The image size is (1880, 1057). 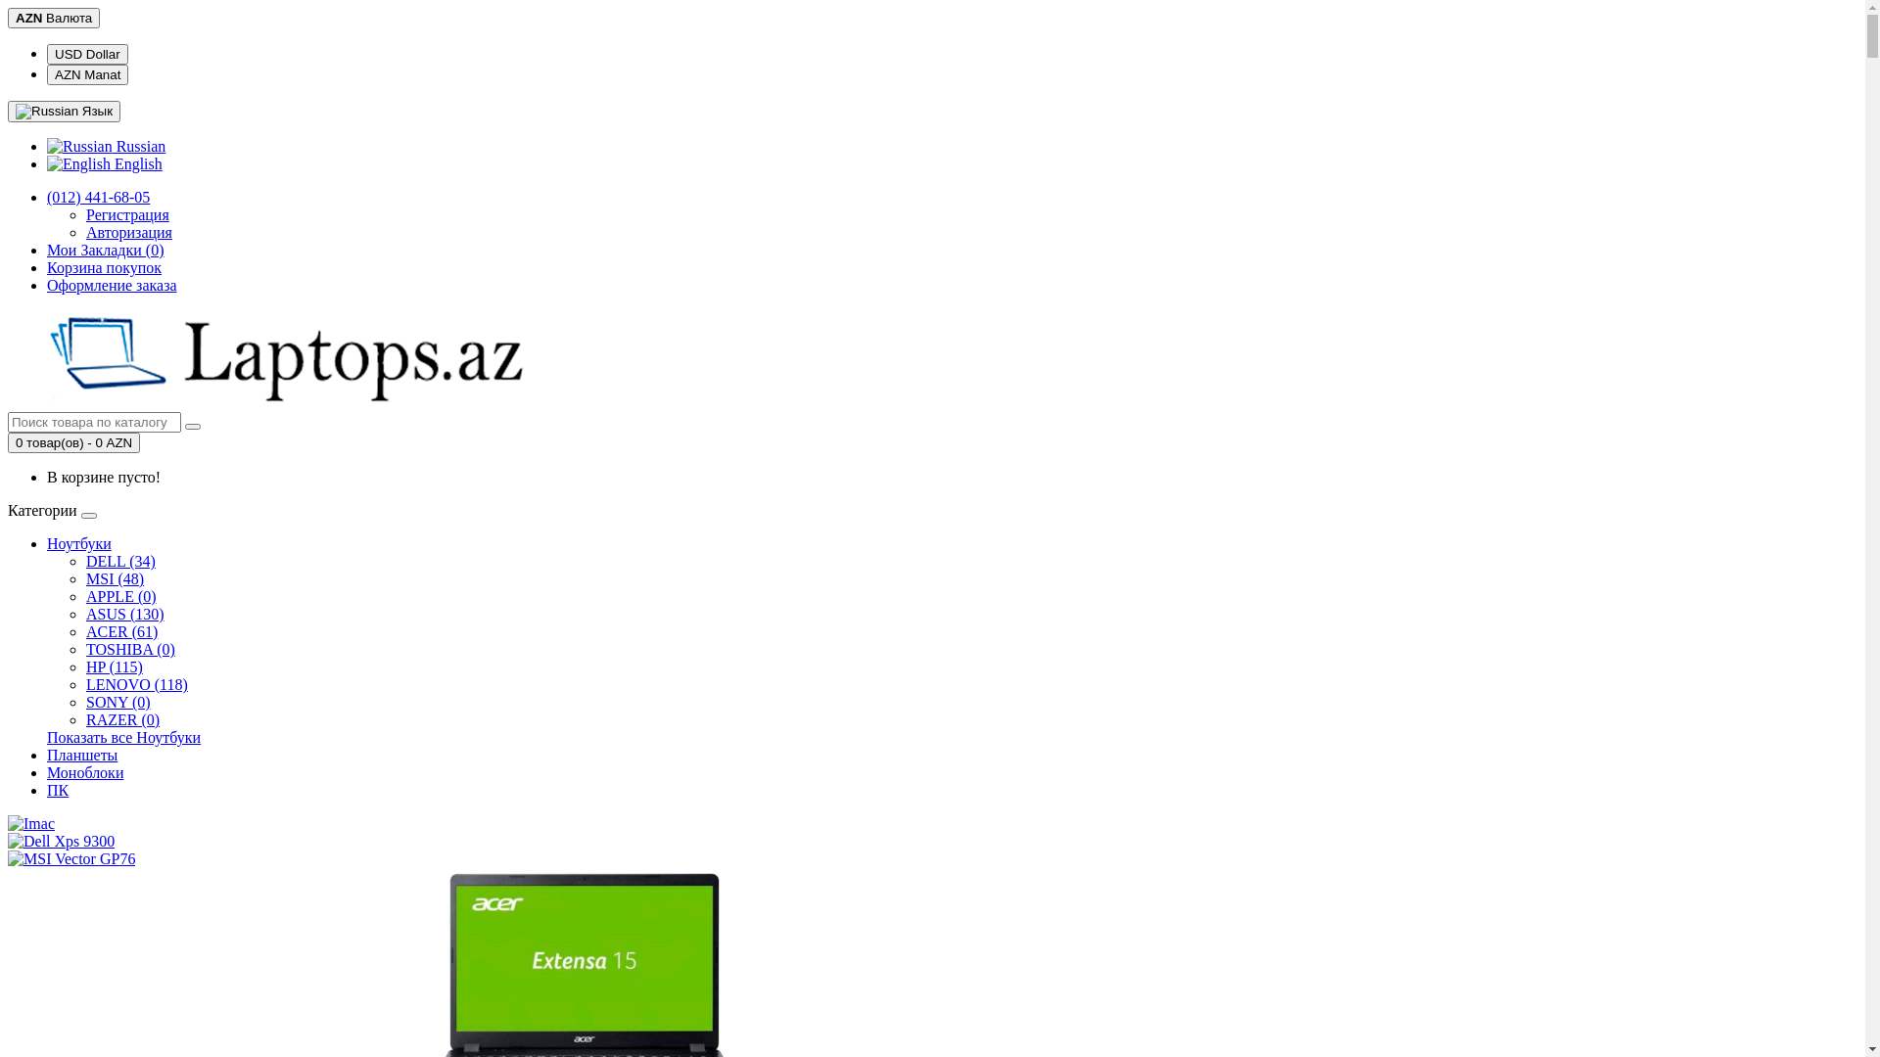 What do you see at coordinates (129, 649) in the screenshot?
I see `'TOSHIBA (0)'` at bounding box center [129, 649].